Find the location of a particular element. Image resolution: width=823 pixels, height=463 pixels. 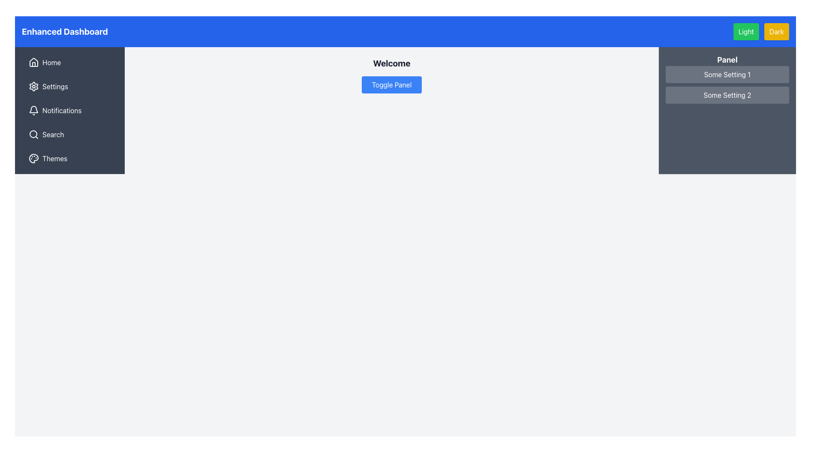

the gear icon located next to the 'Settings' label in the dark sidebar panel is located at coordinates (33, 86).